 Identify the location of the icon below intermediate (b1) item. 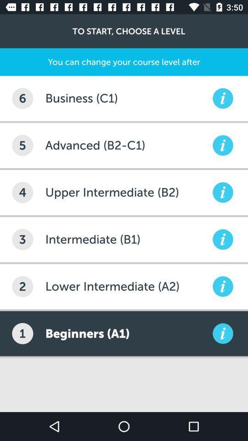
(127, 286).